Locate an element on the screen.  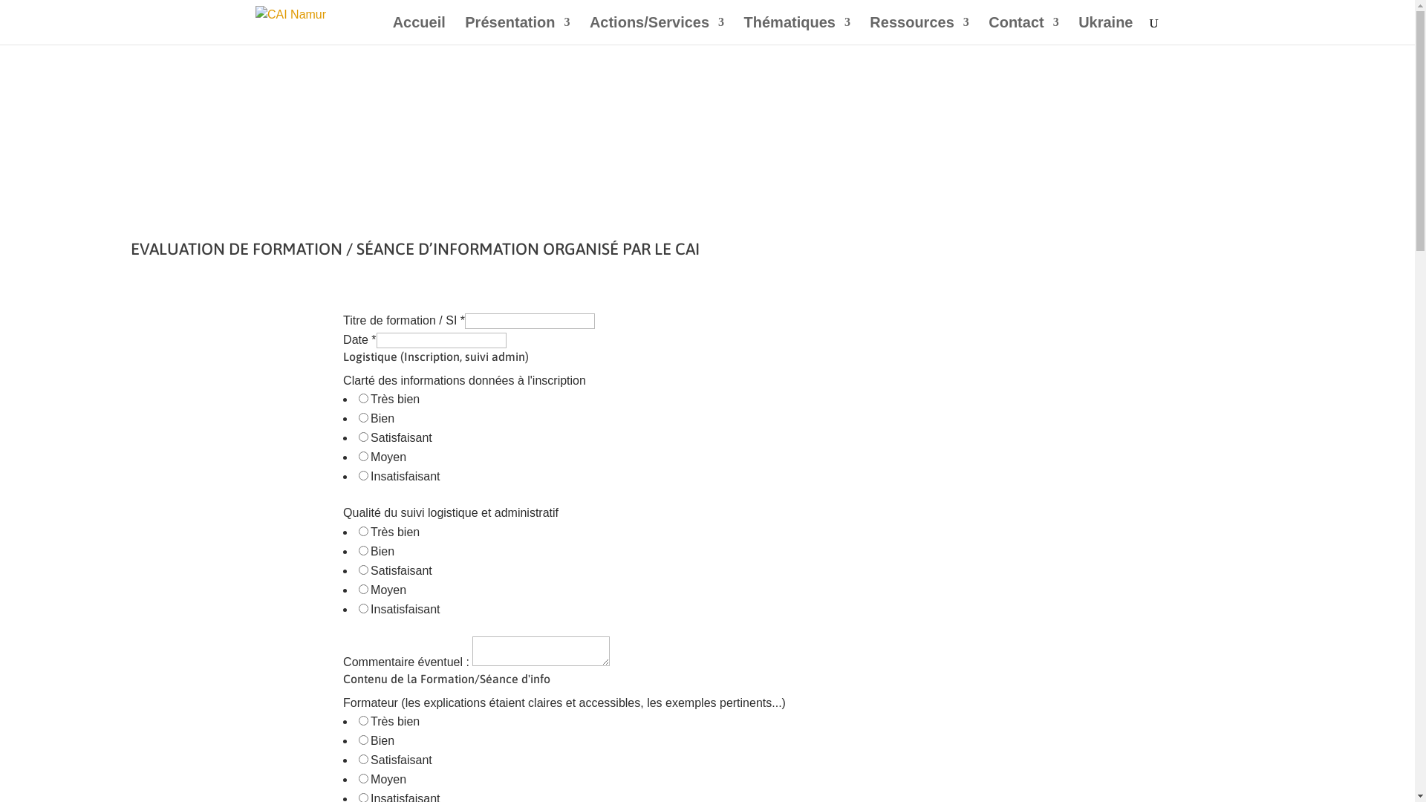
'Accueil' is located at coordinates (418, 30).